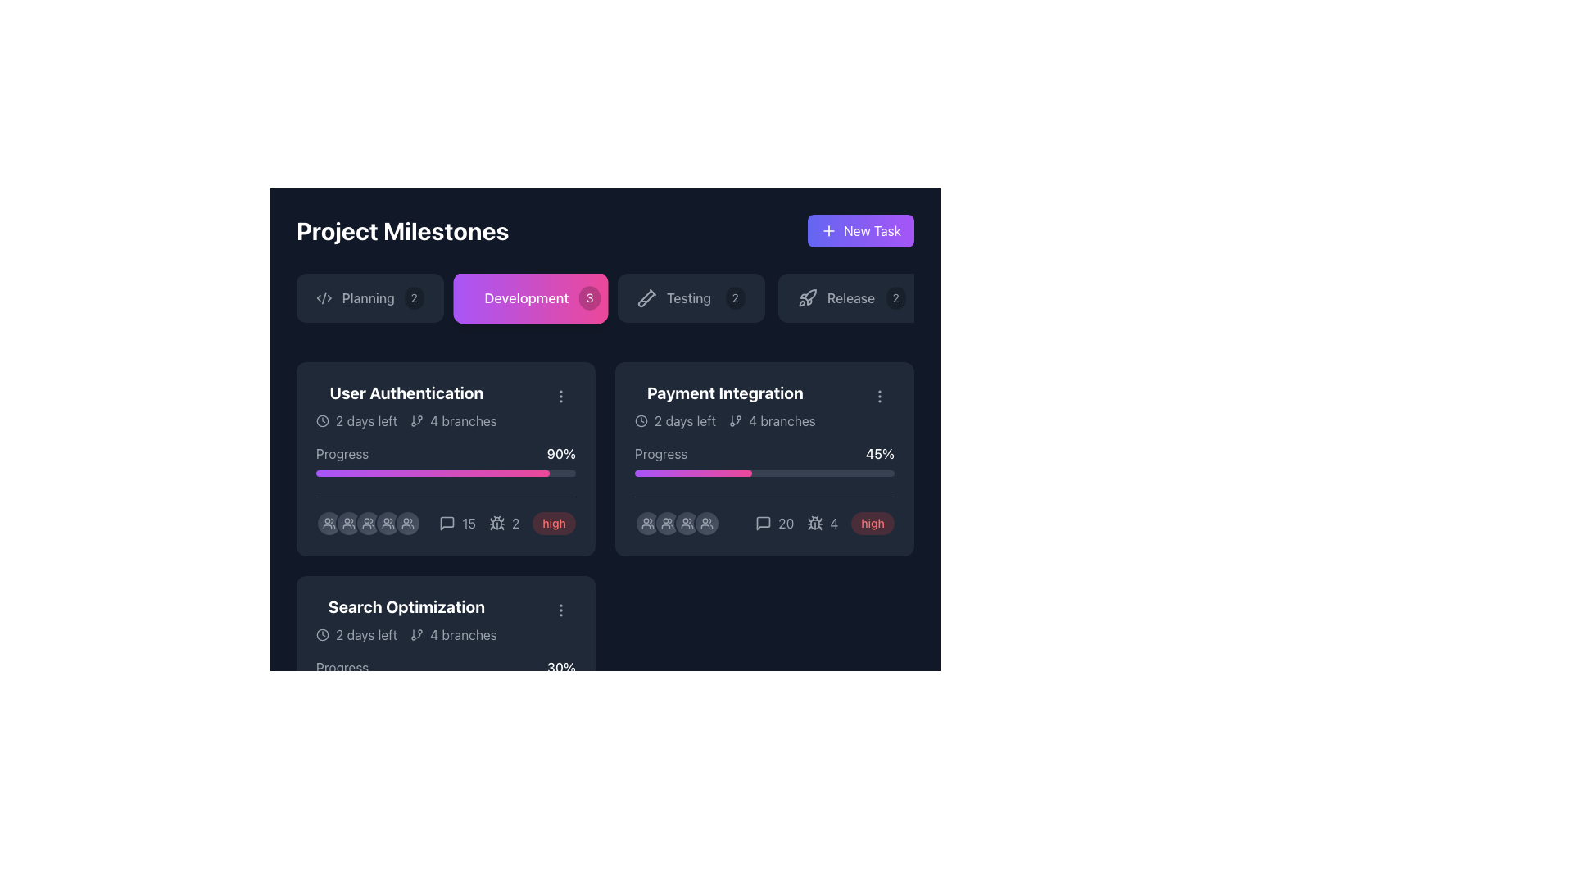  Describe the element at coordinates (417, 420) in the screenshot. I see `the Git branch icon located to the left of the '4 branches' text in the 'User Authentication' card` at that location.